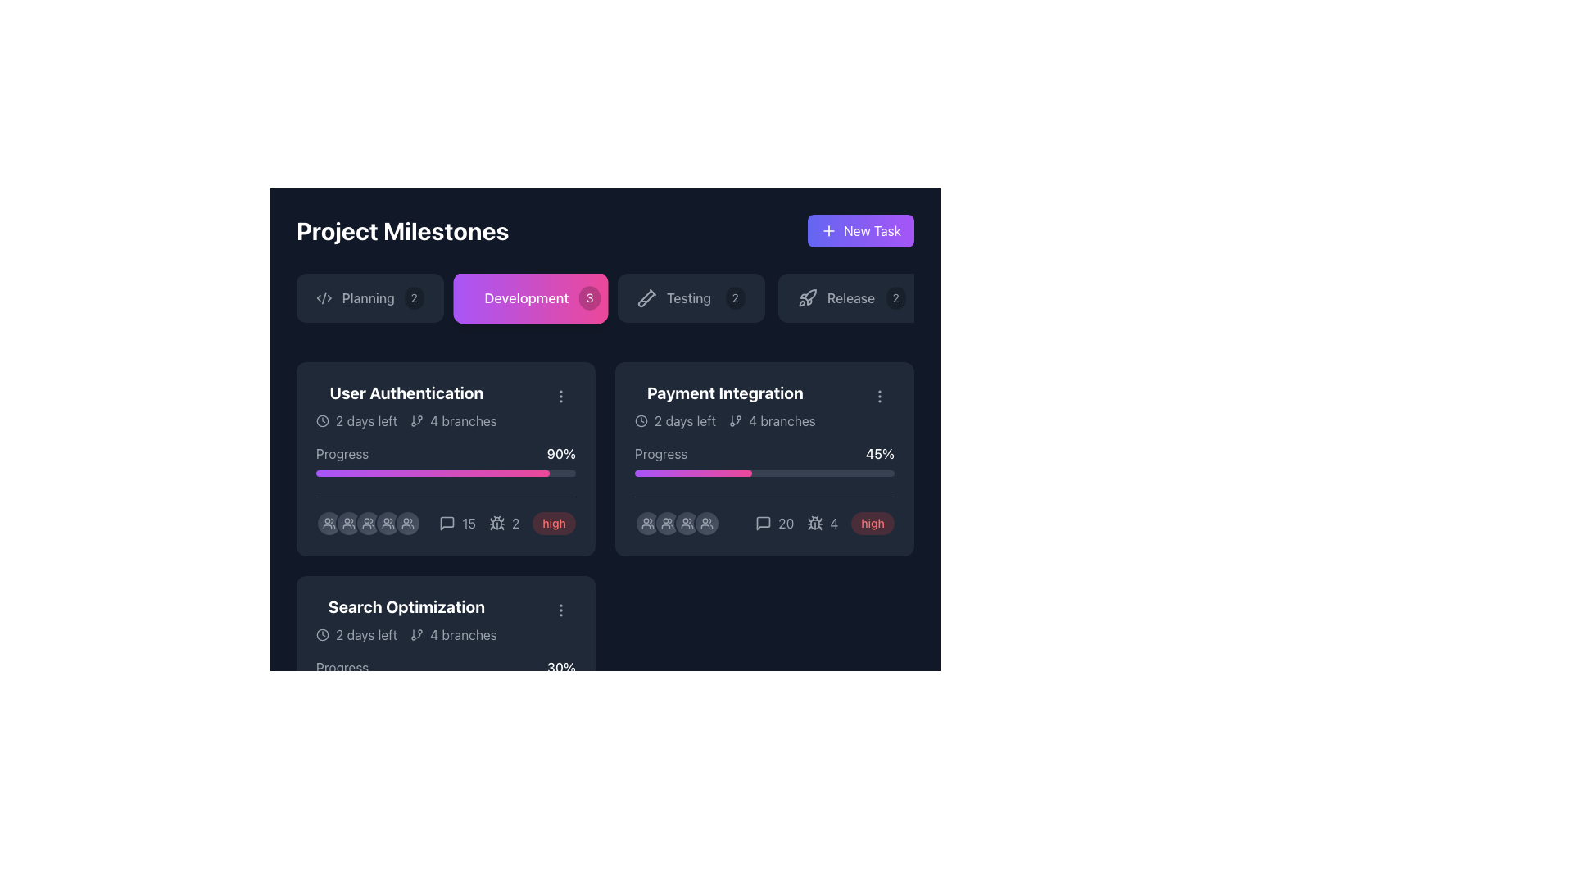  Describe the element at coordinates (417, 420) in the screenshot. I see `the Git branch icon located to the left of the '4 branches' text in the 'User Authentication' card` at that location.